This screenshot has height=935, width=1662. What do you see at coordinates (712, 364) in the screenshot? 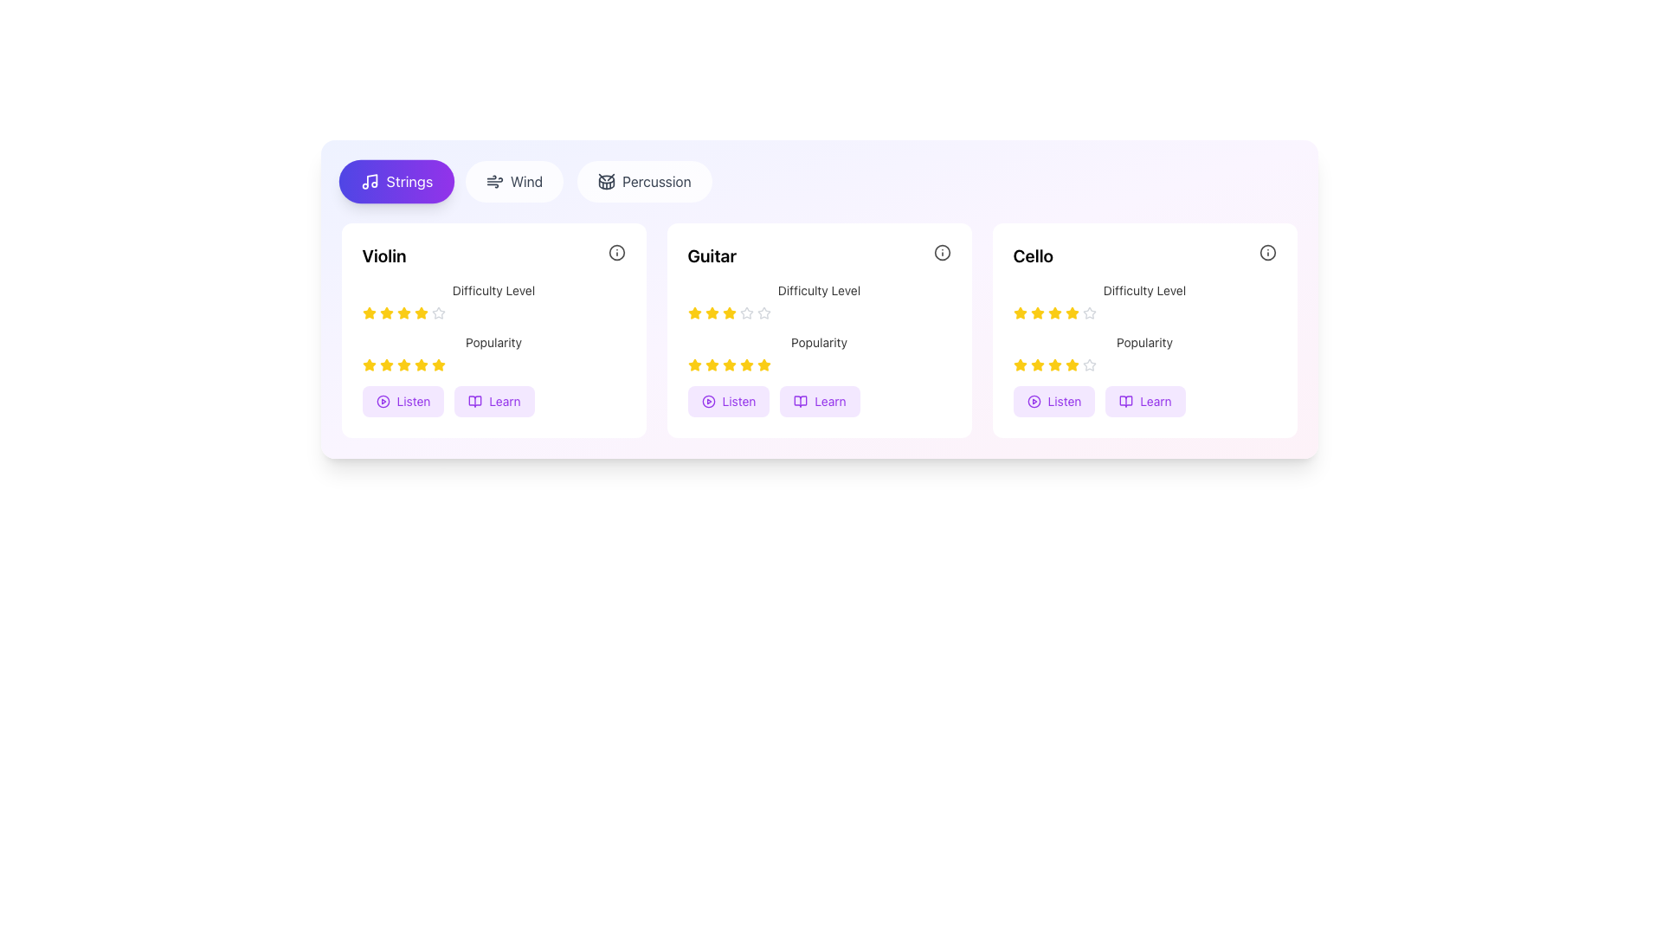
I see `the second yellow star-shaped icon in the 'Popularity' rating row of the 'Guitar' card` at bounding box center [712, 364].